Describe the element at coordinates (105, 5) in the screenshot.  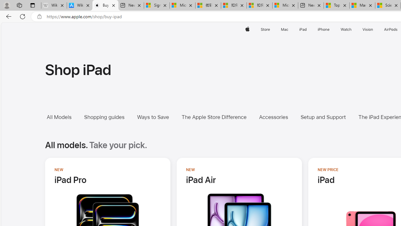
I see `'Buy iPad - Apple'` at that location.